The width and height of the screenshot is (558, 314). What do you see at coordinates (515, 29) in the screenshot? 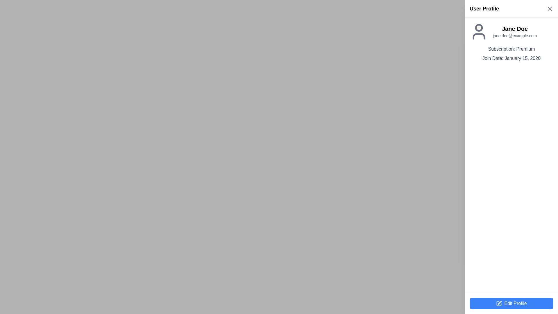
I see `the text label displaying the name 'Jane Doe', which is located at the top section of the user profile panel and is distinct with its bold, larger font style` at bounding box center [515, 29].